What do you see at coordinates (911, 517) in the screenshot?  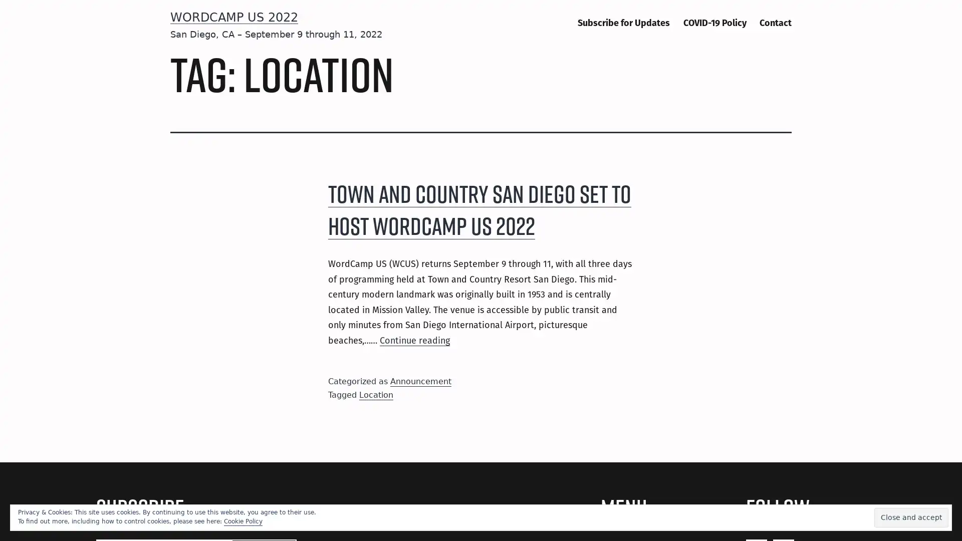 I see `Close and accept` at bounding box center [911, 517].